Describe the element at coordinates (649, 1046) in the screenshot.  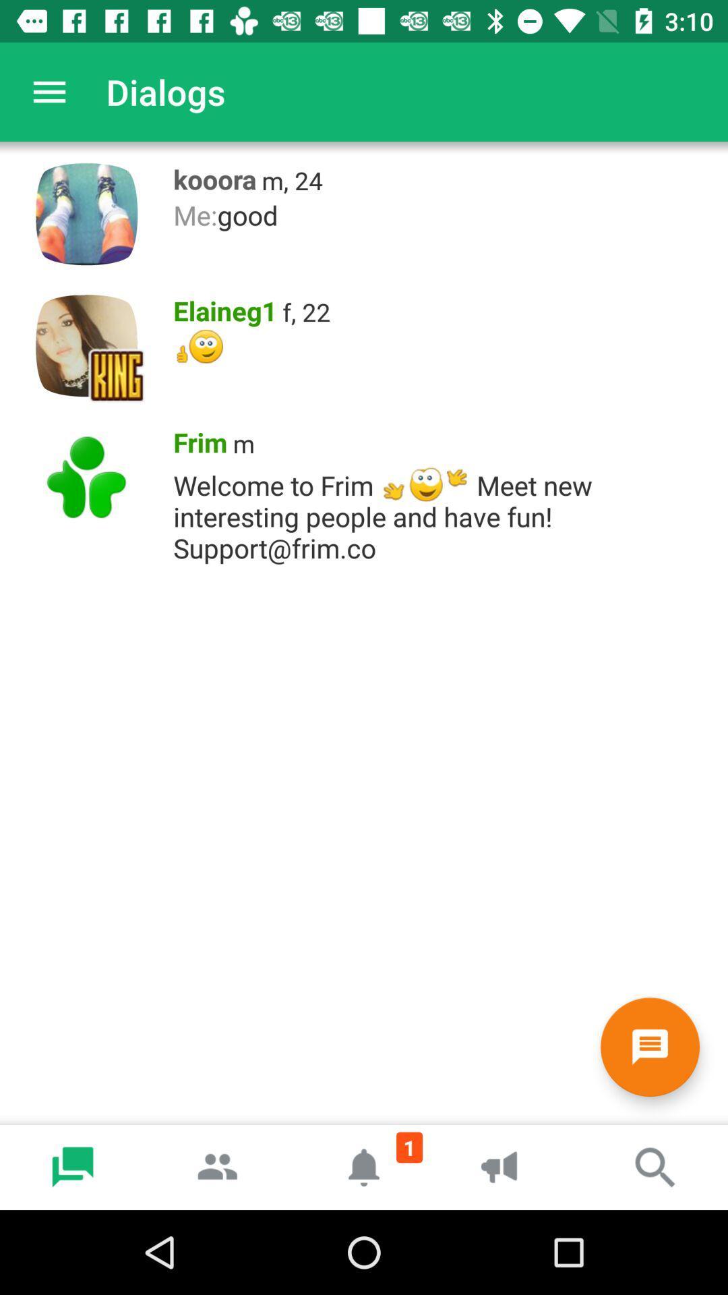
I see `starting new dialogs` at that location.